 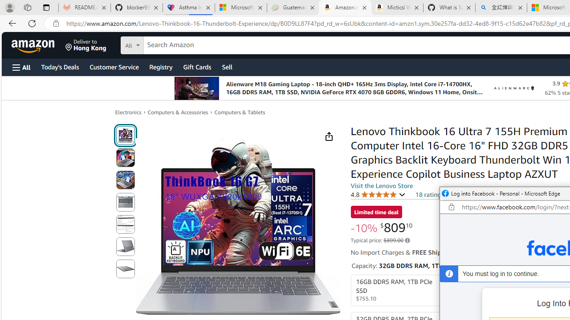 I want to click on 'Deliver to Hong Kong', so click(x=86, y=45).